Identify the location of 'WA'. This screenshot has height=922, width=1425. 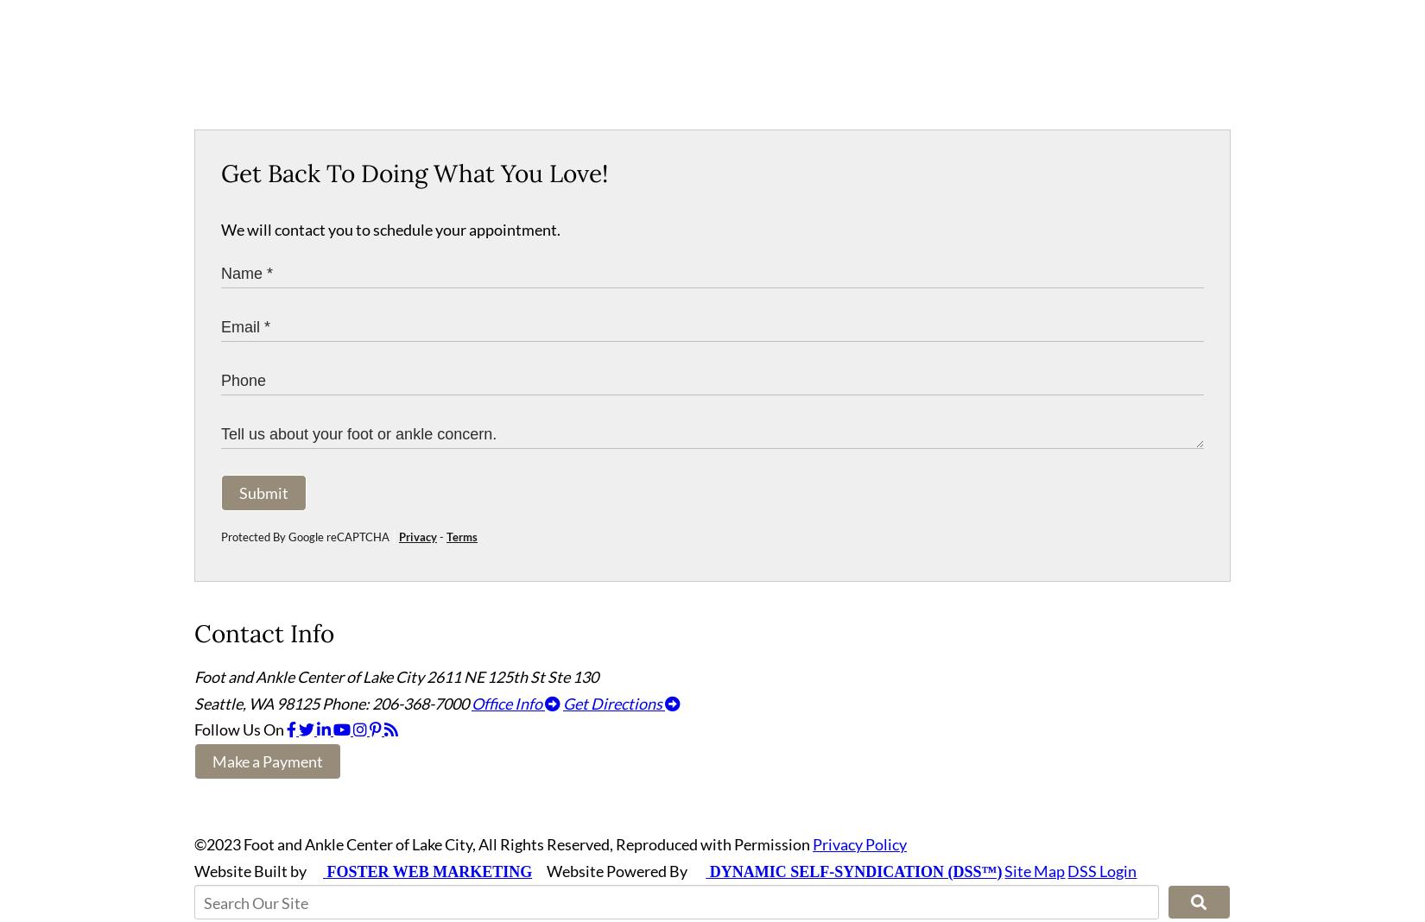
(261, 710).